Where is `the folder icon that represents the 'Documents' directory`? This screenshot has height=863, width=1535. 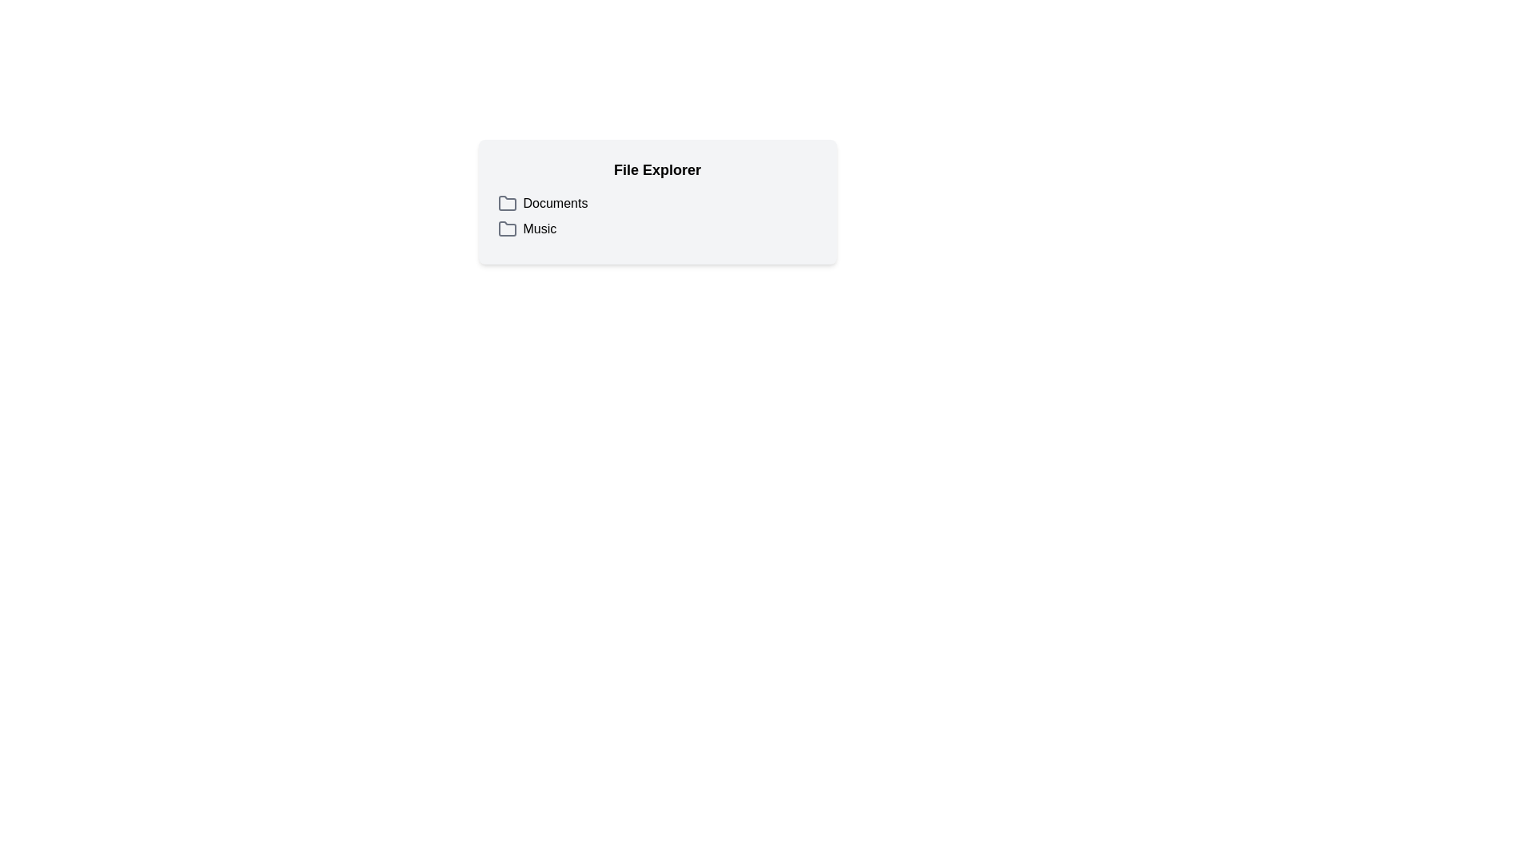 the folder icon that represents the 'Documents' directory is located at coordinates (506, 202).